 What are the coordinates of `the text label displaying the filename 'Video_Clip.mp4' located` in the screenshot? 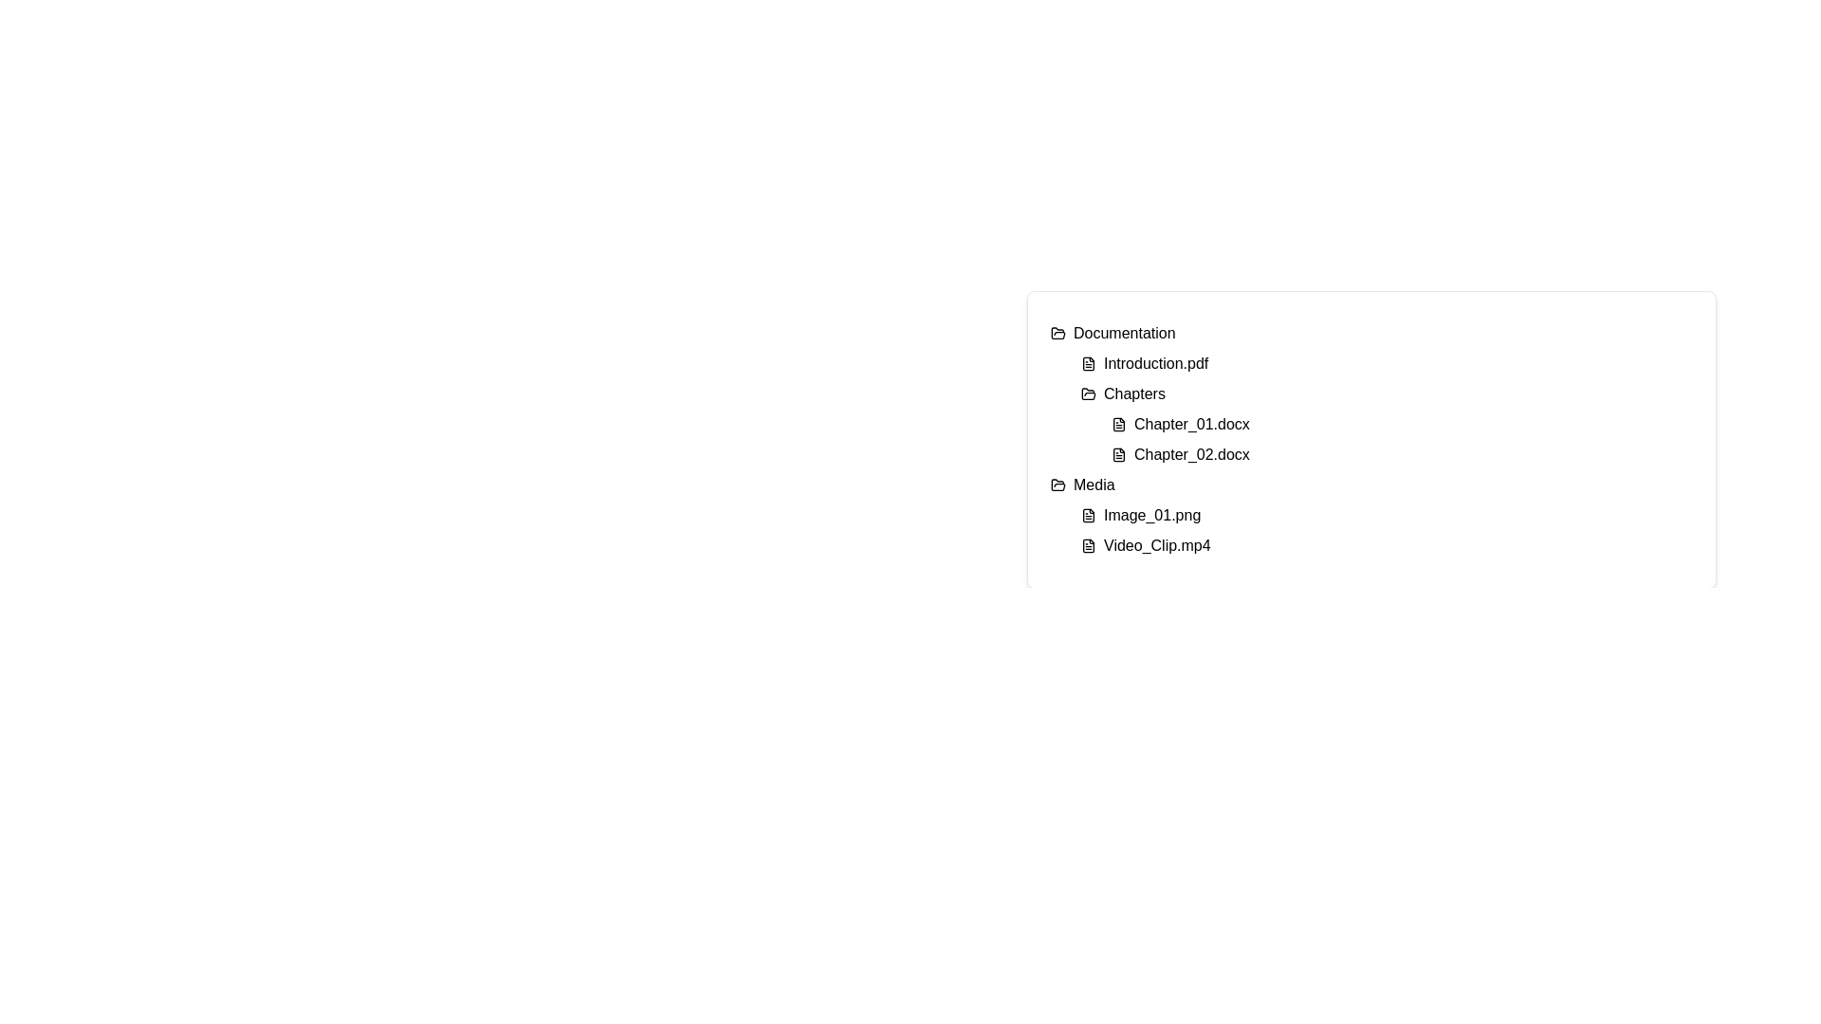 It's located at (1156, 545).